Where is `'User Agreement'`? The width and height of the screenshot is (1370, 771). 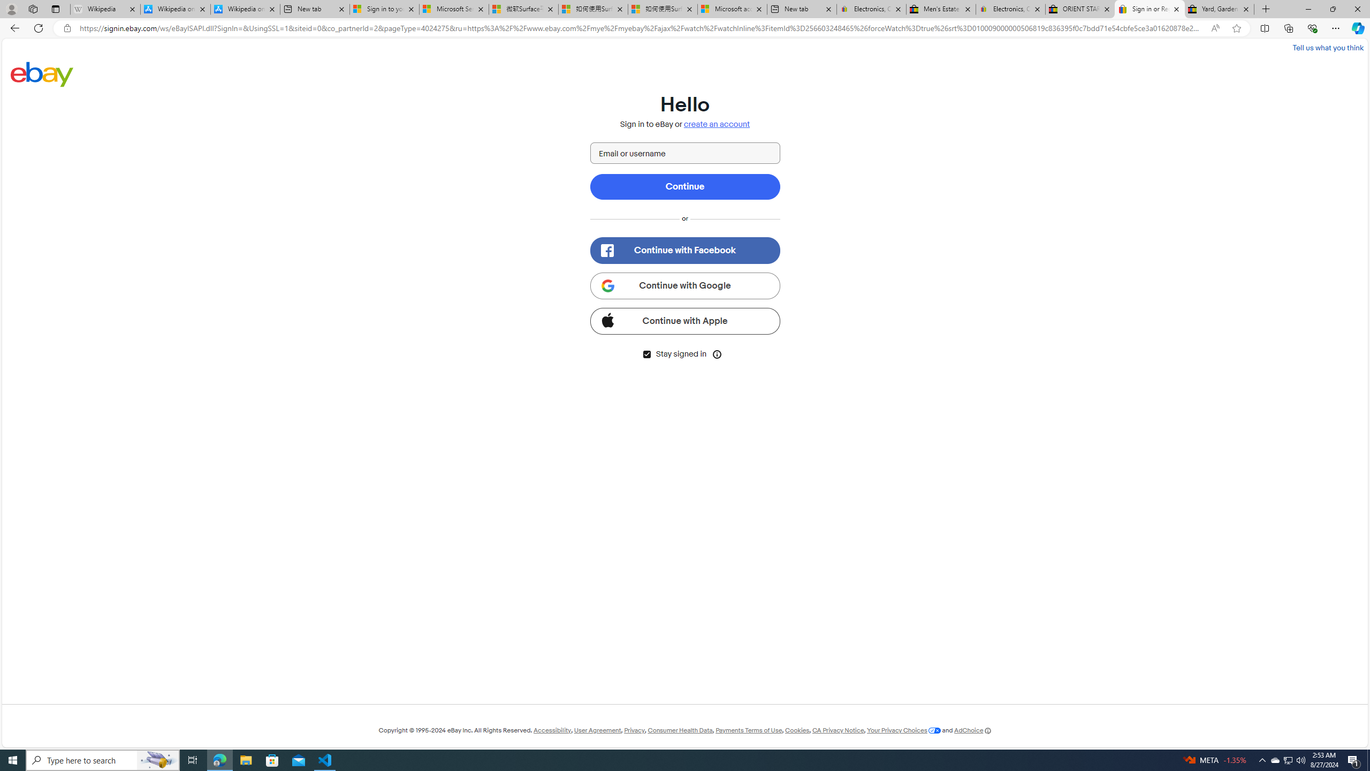 'User Agreement' is located at coordinates (597, 730).